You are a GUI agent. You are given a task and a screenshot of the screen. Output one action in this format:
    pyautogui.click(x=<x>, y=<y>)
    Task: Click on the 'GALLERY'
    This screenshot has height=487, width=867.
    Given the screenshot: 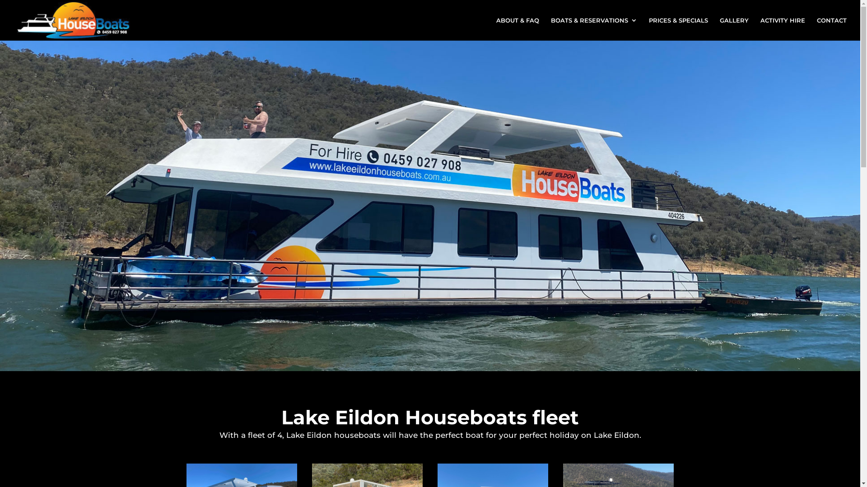 What is the action you would take?
    pyautogui.click(x=734, y=28)
    